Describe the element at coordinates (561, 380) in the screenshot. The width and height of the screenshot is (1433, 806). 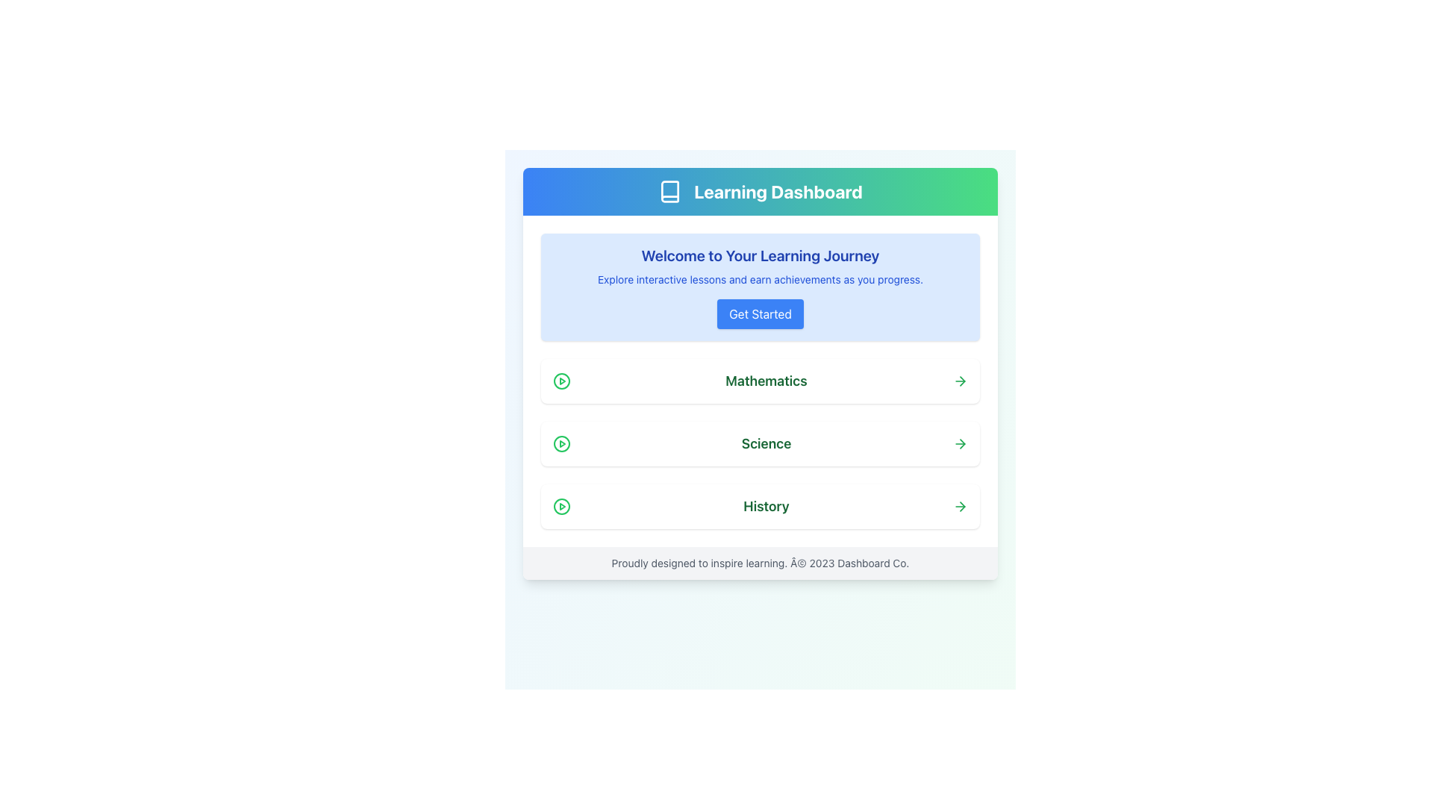
I see `the play indicator icon located to the left of the 'Mathematics' text` at that location.